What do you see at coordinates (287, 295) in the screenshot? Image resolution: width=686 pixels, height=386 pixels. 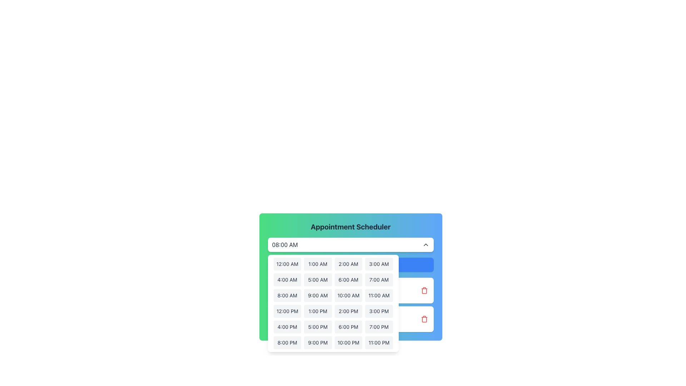 I see `the '8:00 AM' time selection button in the appointment scheduler dropdown menu, located in the third row, first column` at bounding box center [287, 295].